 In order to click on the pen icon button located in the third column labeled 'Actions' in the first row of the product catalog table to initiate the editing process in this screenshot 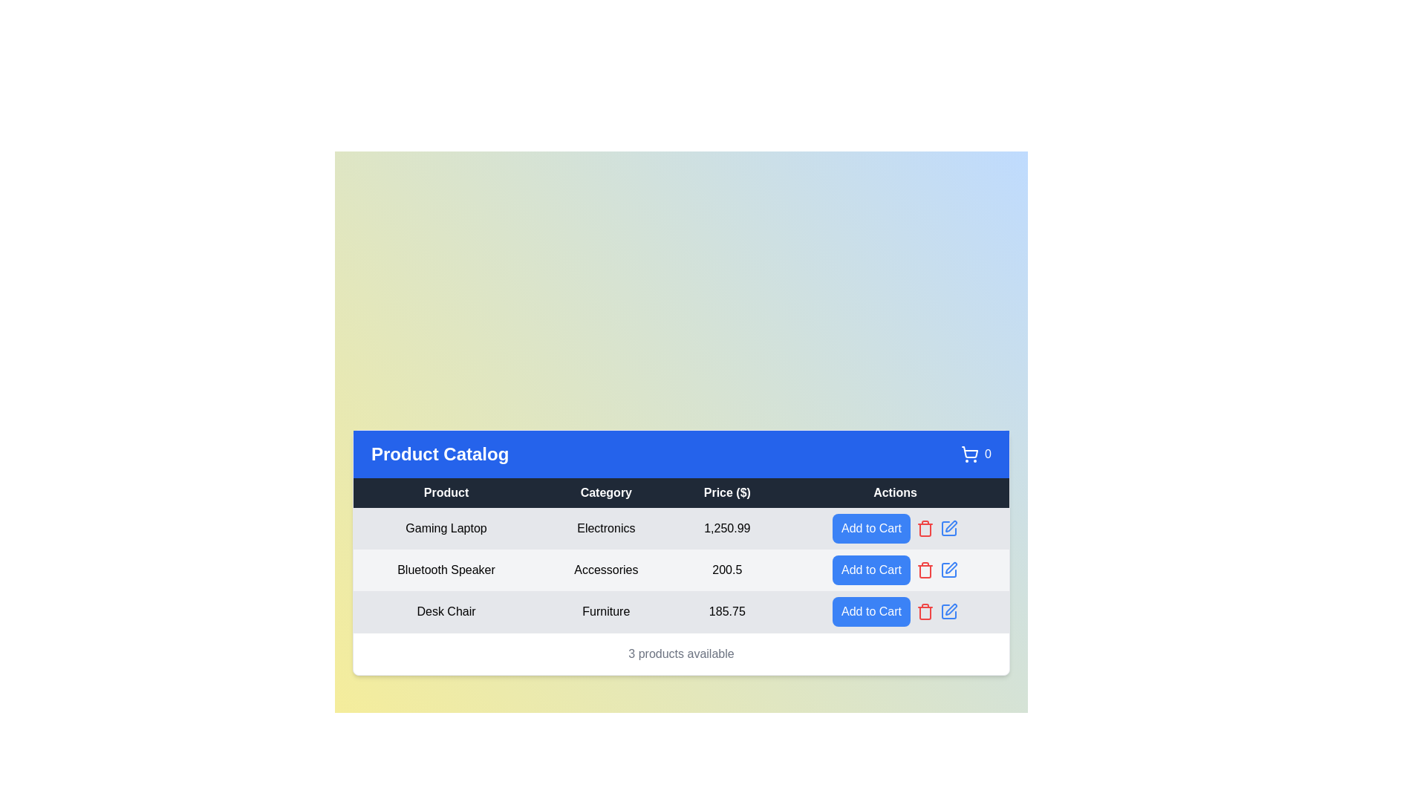, I will do `click(948, 527)`.